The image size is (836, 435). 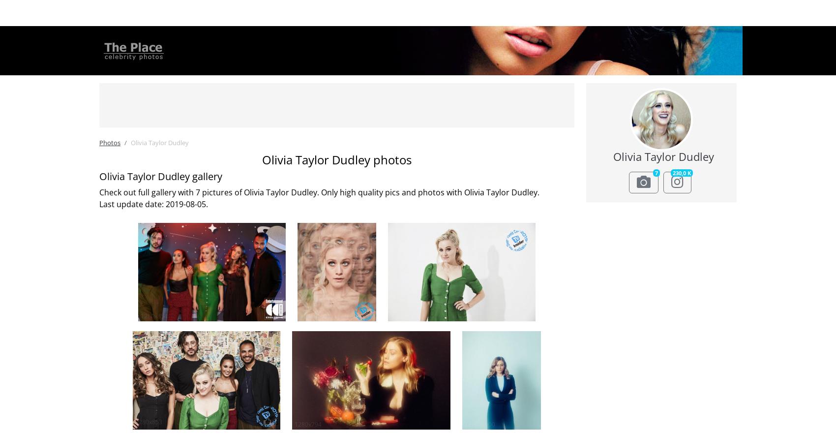 I want to click on 'Forum', so click(x=276, y=14).